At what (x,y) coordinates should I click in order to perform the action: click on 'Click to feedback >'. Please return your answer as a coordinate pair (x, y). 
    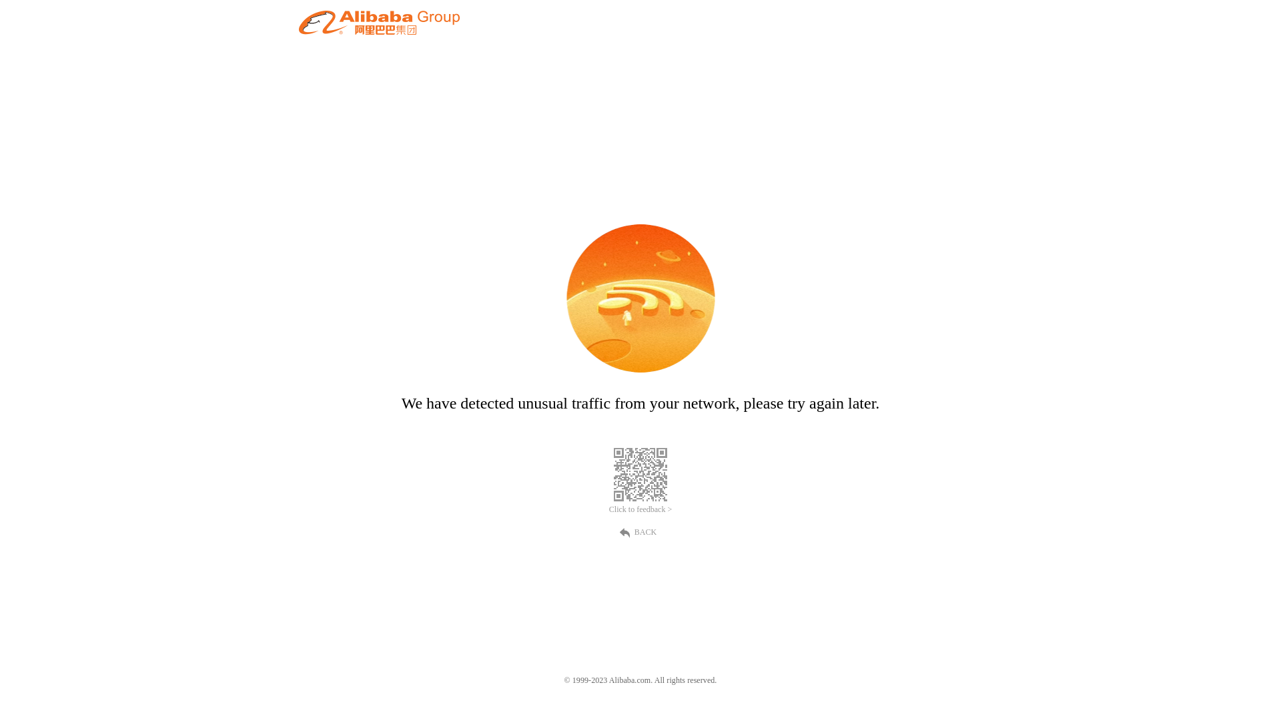
    Looking at the image, I should click on (640, 509).